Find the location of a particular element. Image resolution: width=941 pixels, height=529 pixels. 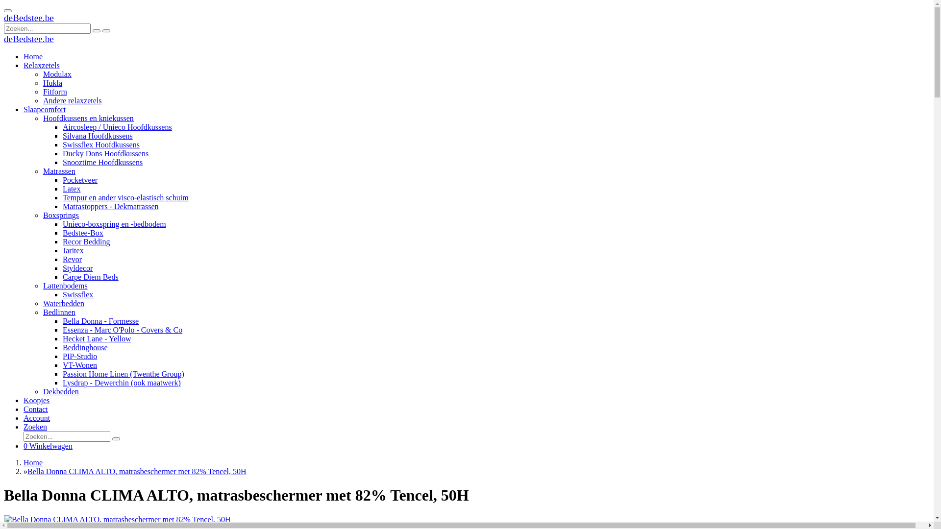

'Revor' is located at coordinates (72, 259).